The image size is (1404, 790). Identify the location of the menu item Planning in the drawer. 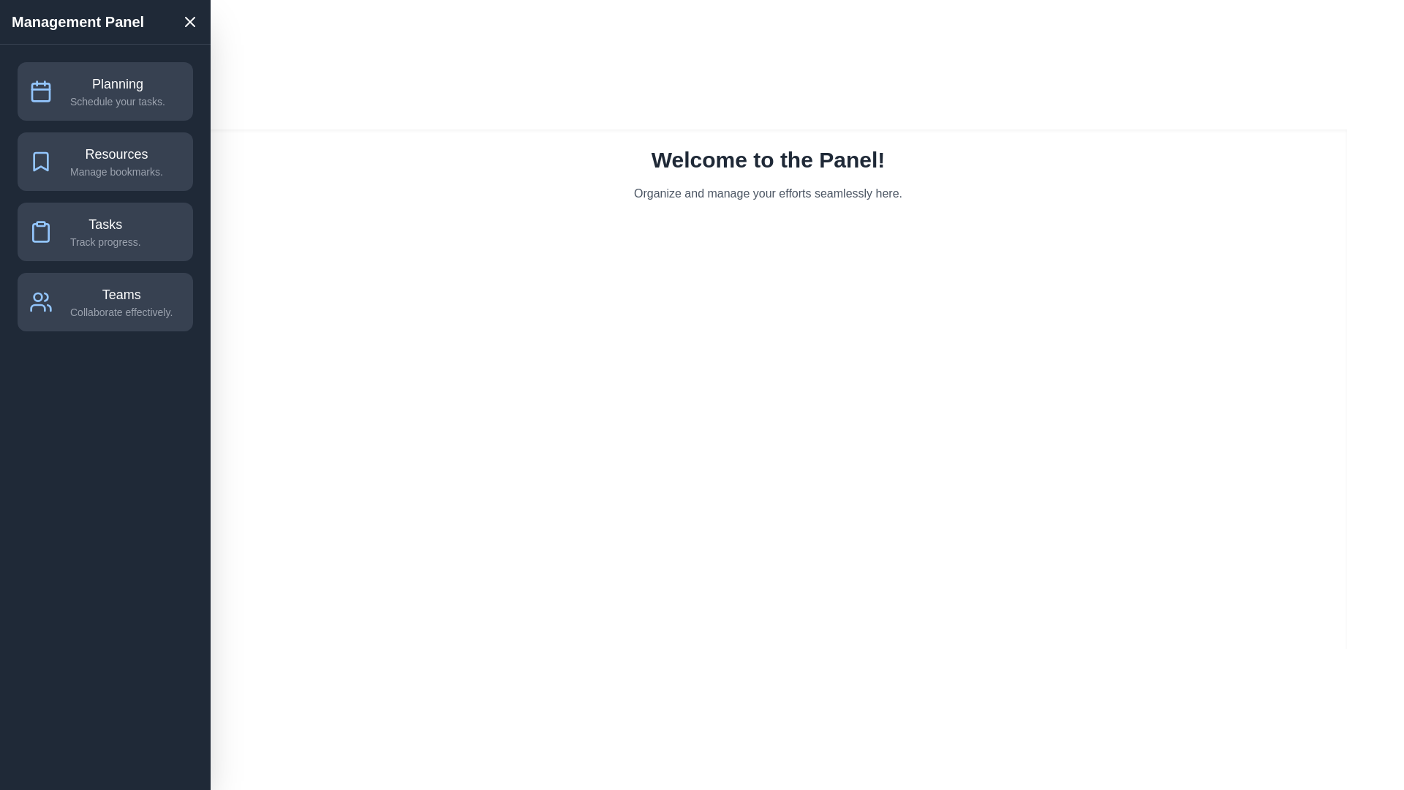
(105, 91).